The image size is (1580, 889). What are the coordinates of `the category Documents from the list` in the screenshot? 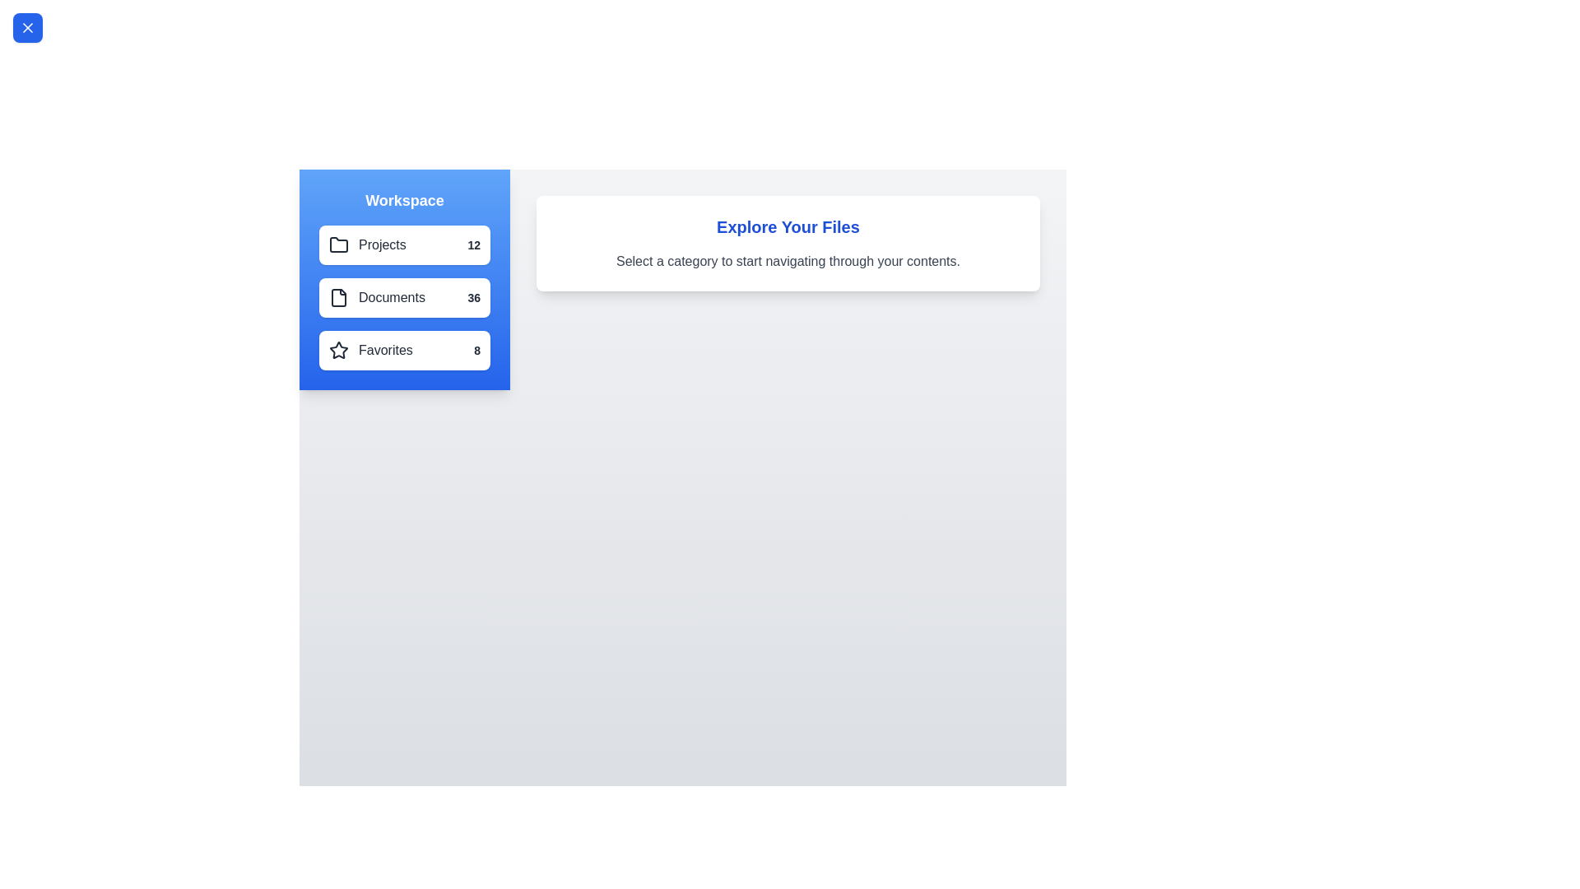 It's located at (404, 298).